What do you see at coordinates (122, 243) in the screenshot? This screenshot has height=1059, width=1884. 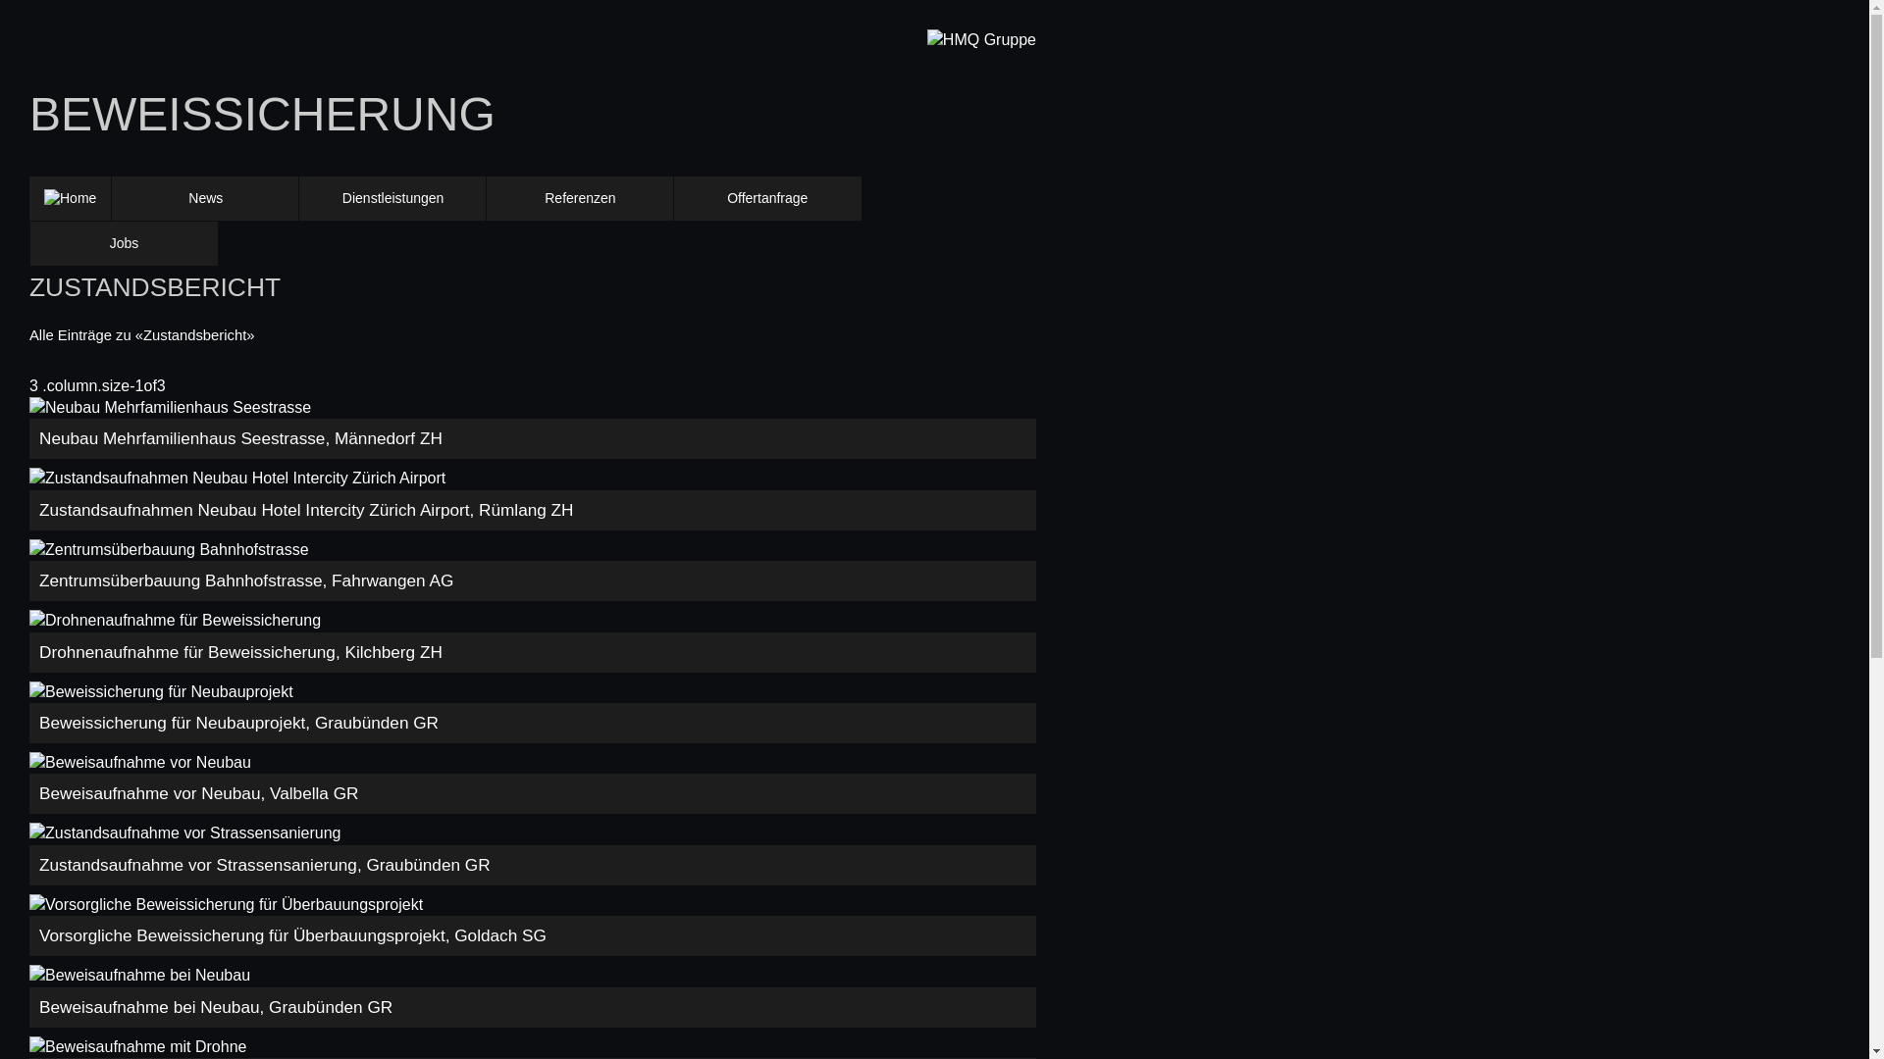 I see `'Jobs'` at bounding box center [122, 243].